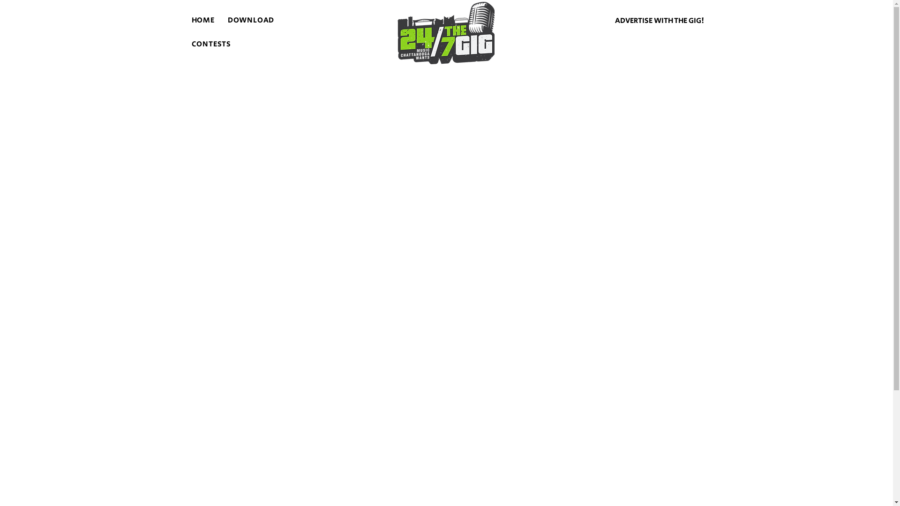 The height and width of the screenshot is (506, 900). What do you see at coordinates (222, 20) in the screenshot?
I see `'DOWNLOAD'` at bounding box center [222, 20].